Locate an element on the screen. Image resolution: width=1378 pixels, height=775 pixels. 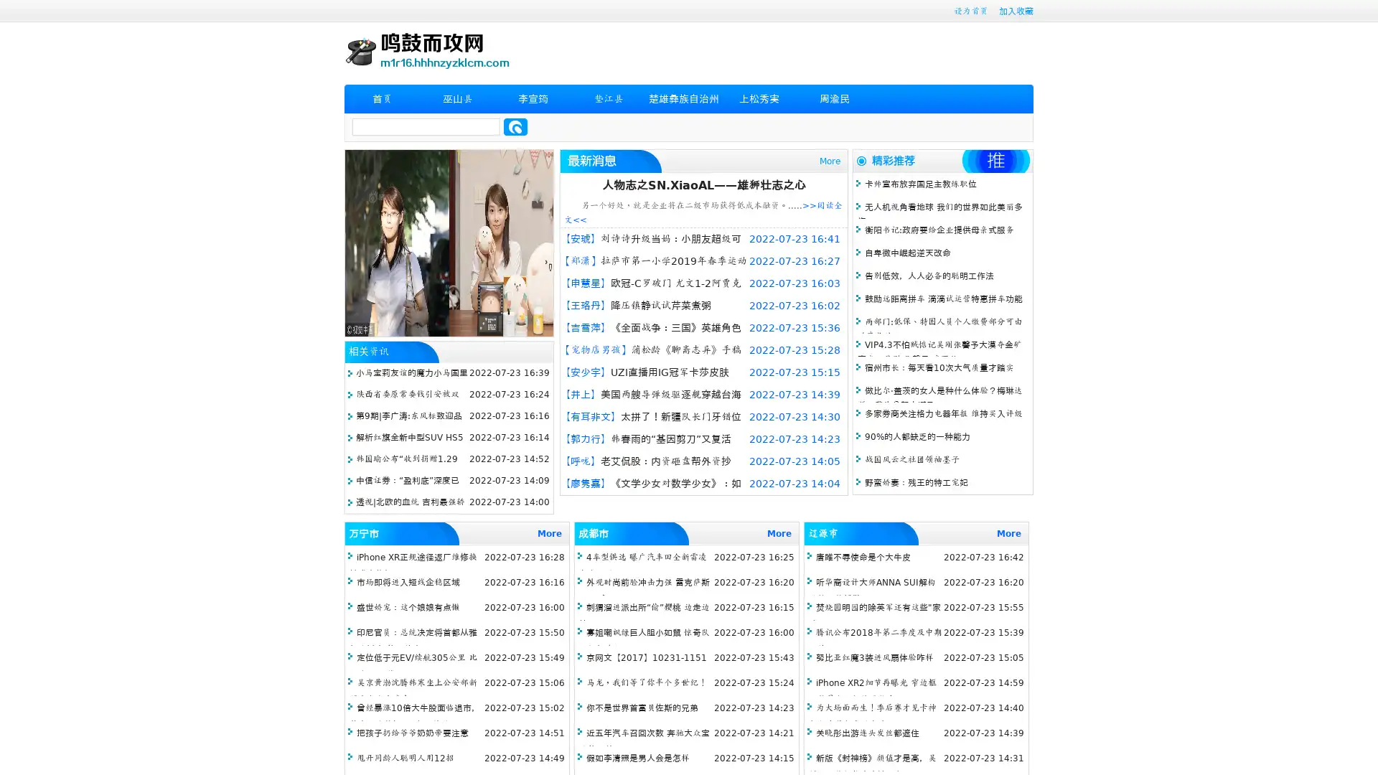
Search is located at coordinates (515, 126).